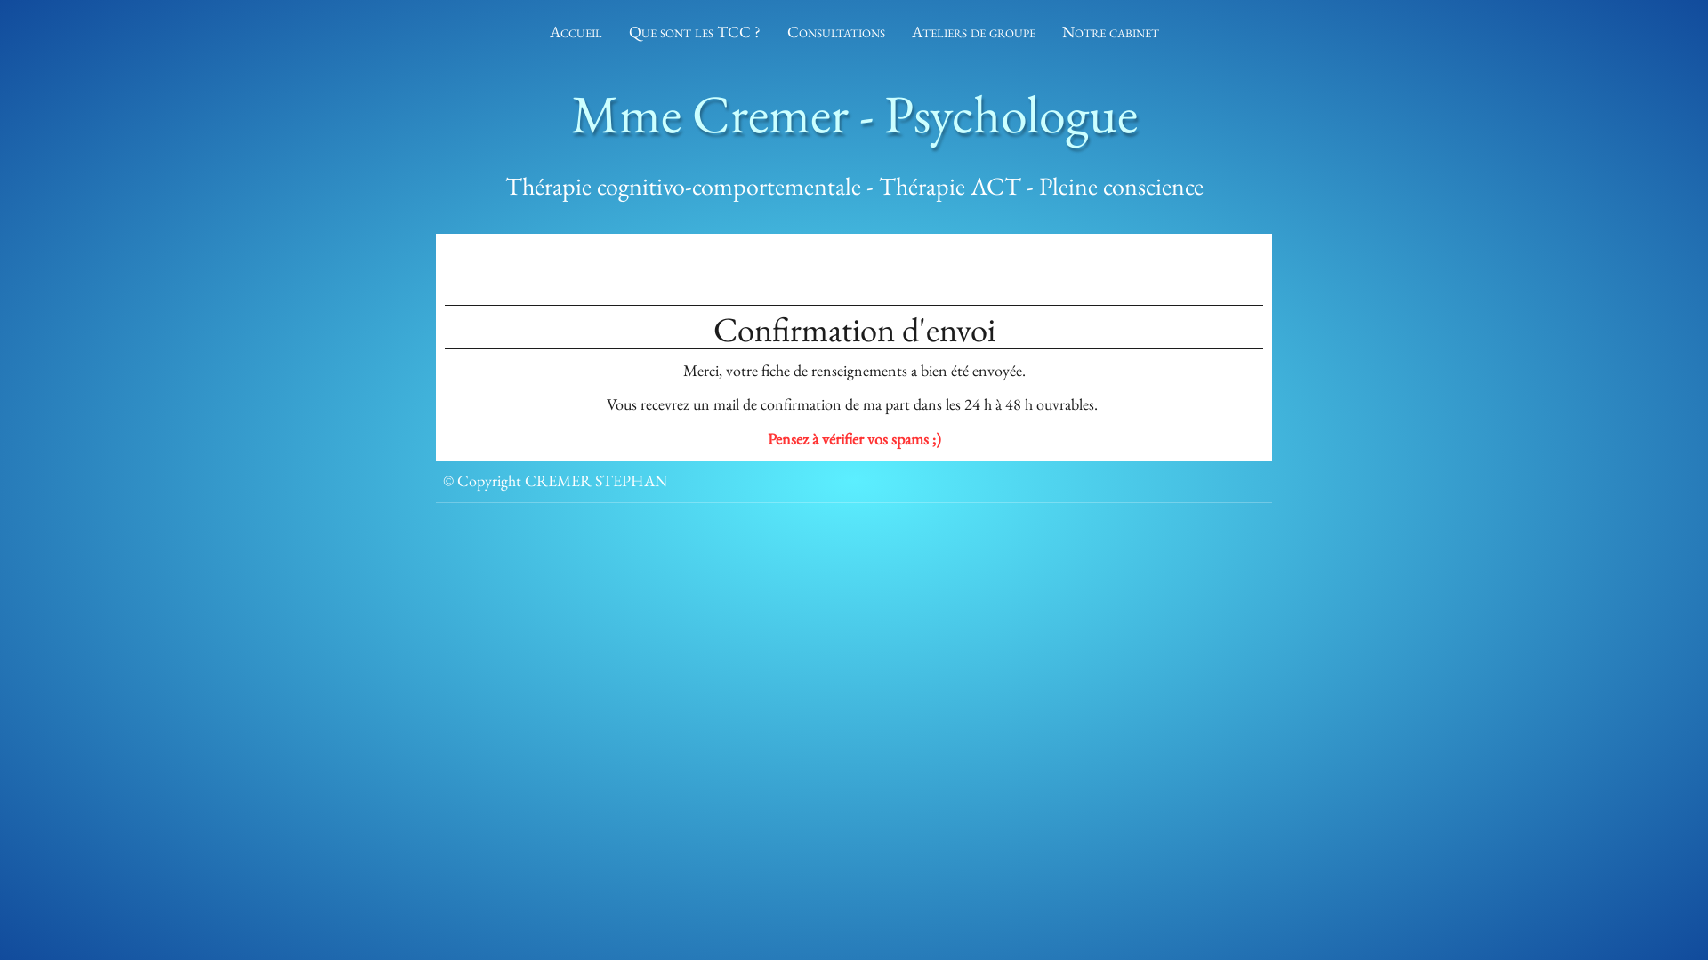 The height and width of the screenshot is (960, 1708). I want to click on 'Ateliers de groupe', so click(898, 31).